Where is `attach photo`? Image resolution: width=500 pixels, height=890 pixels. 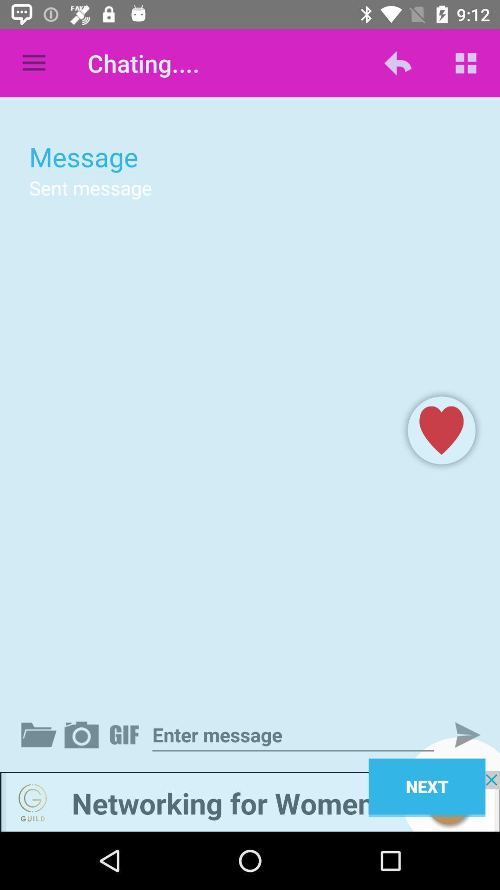
attach photo is located at coordinates (83, 734).